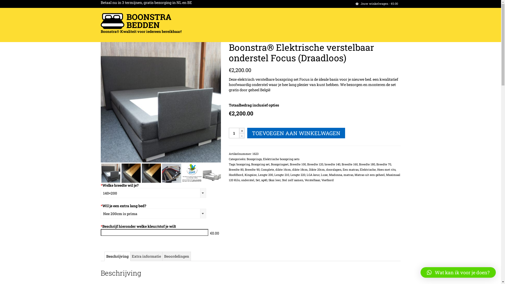 Image resolution: width=505 pixels, height=284 pixels. I want to click on 'dikte 16cm', so click(283, 169).